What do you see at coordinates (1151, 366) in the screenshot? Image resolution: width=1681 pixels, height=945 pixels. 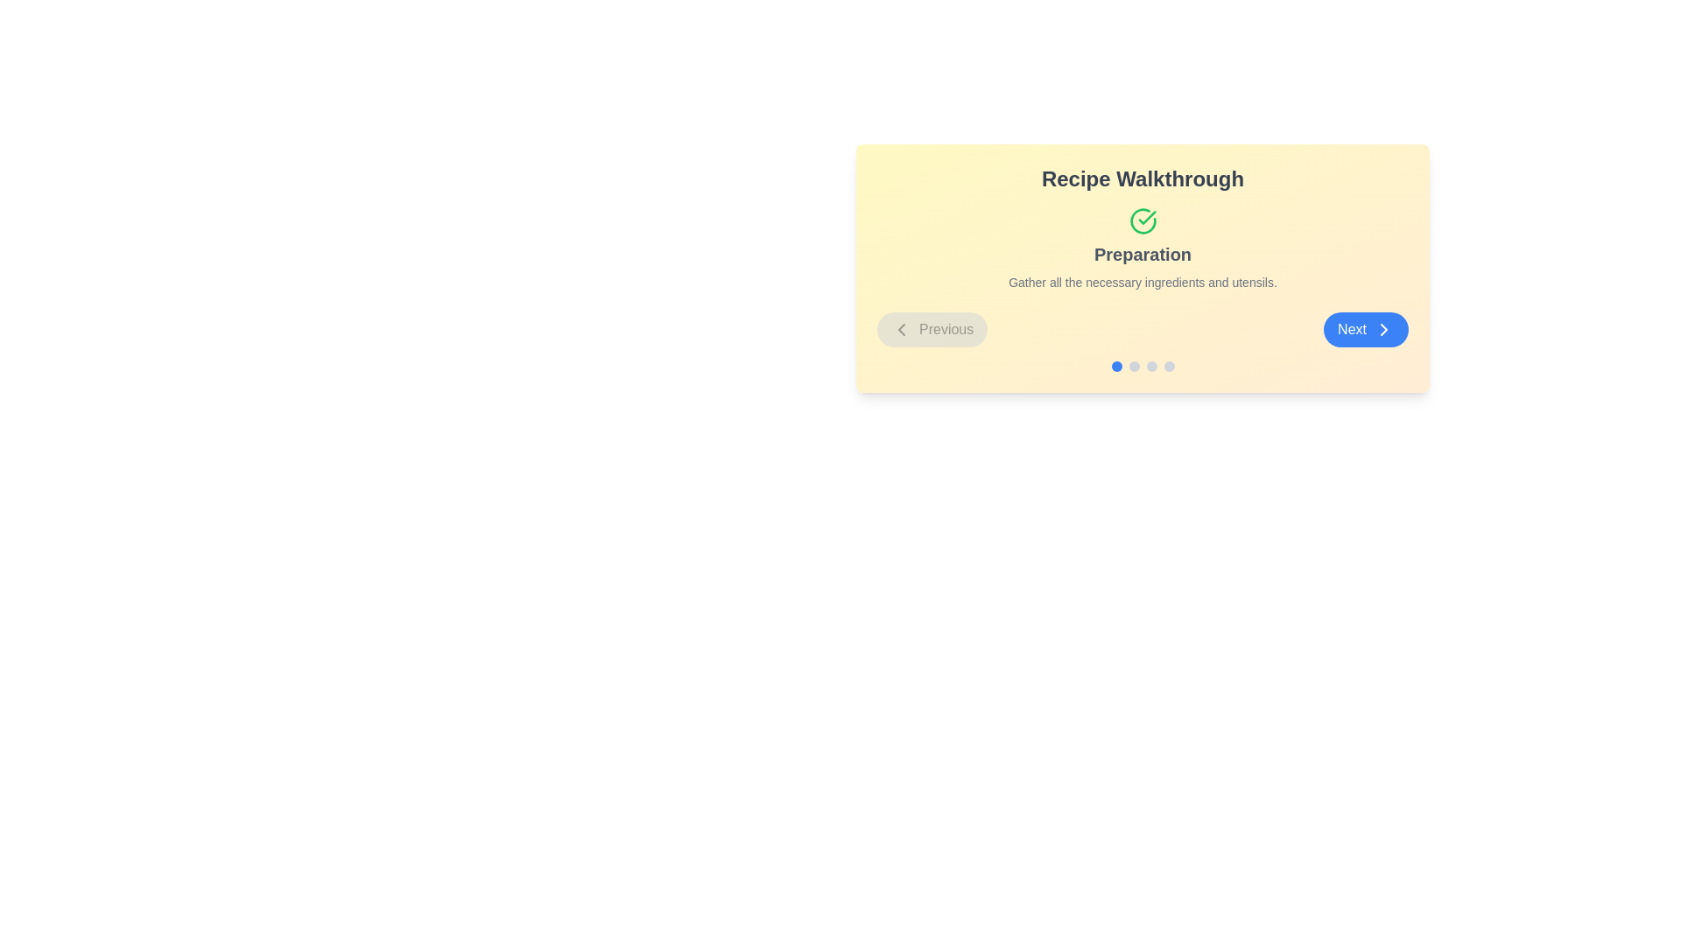 I see `the third gray circular indicator in a horizontal row of indicators, positioned near the bottom-center of the interface` at bounding box center [1151, 366].